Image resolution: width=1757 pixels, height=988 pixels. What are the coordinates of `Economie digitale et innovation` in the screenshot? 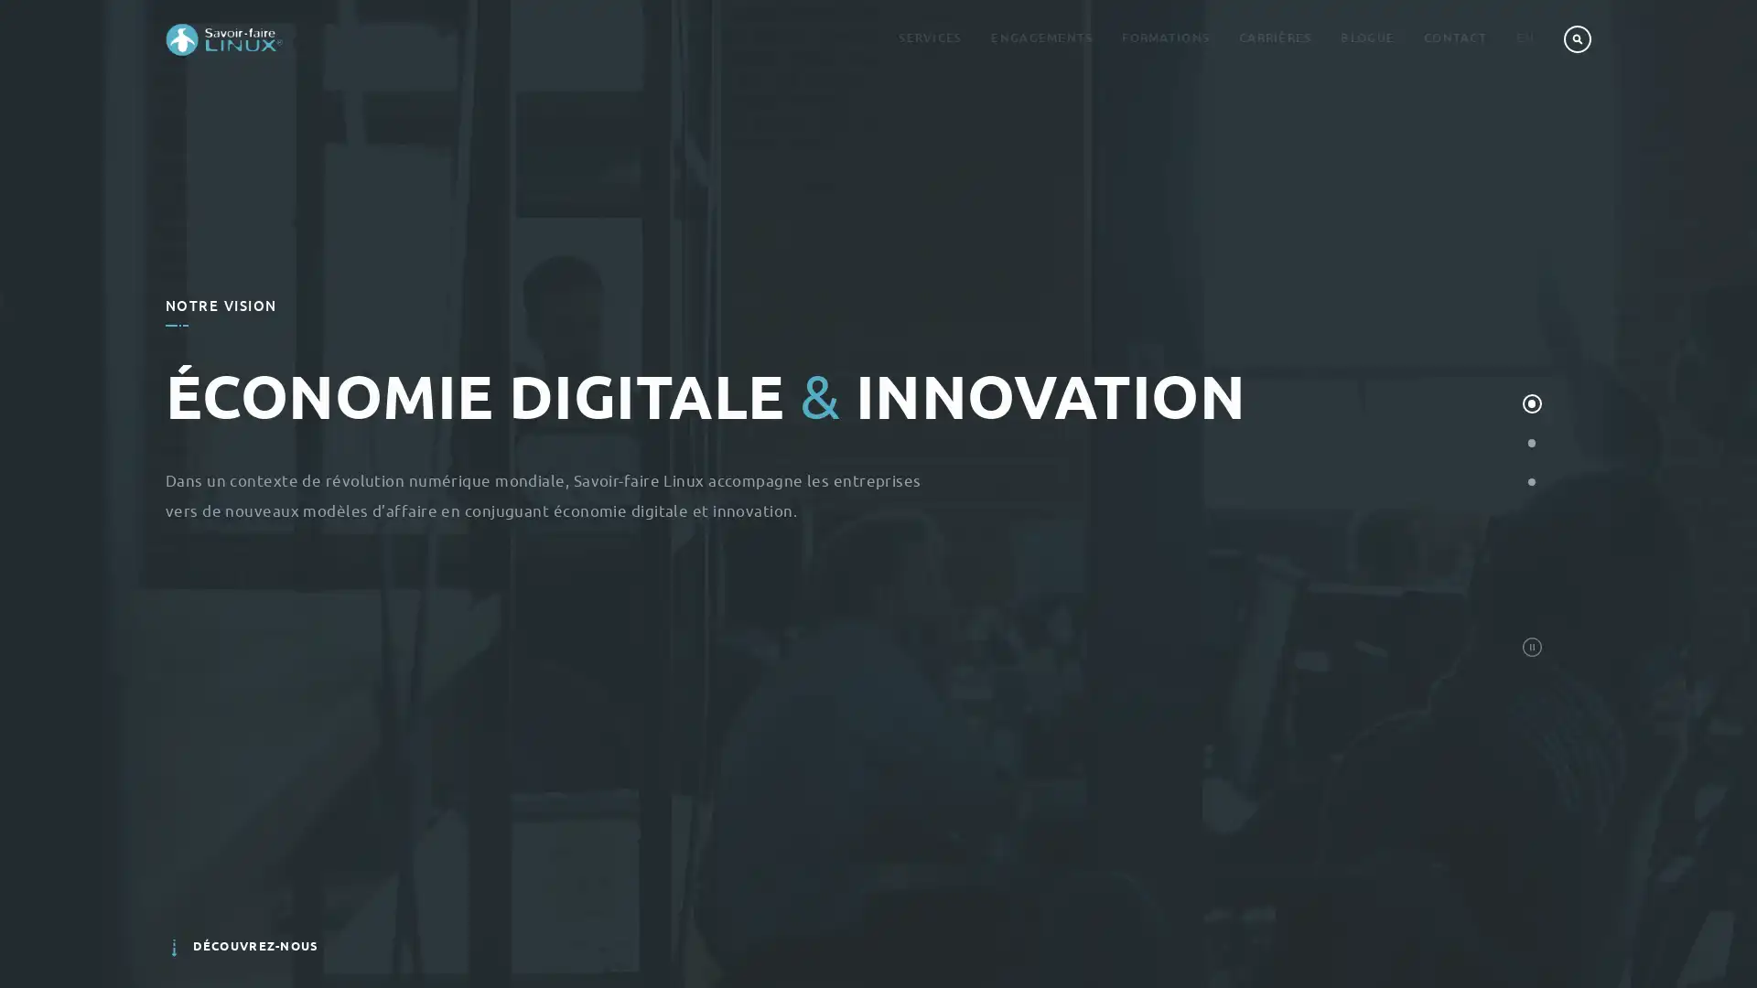 It's located at (1531, 403).